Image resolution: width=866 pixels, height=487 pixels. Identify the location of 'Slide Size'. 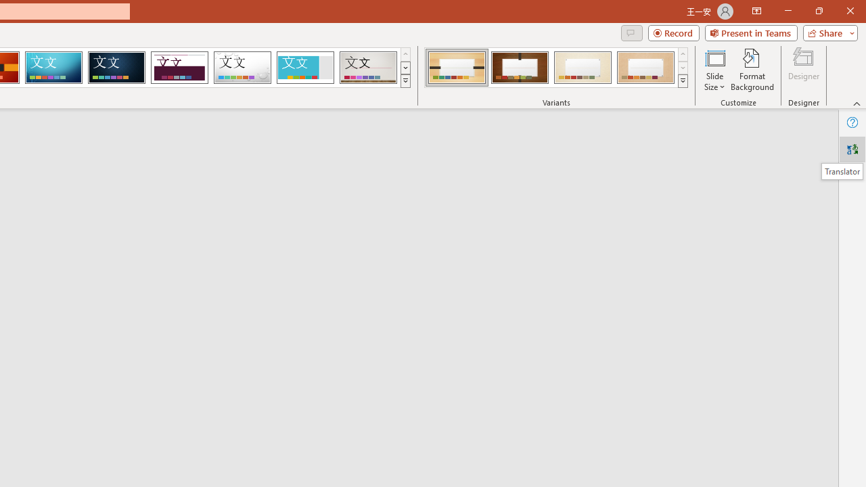
(714, 70).